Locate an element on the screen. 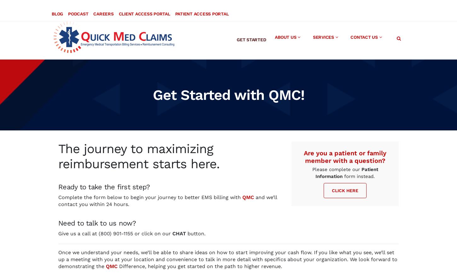 This screenshot has width=457, height=275. 'Ready to take the first step?' is located at coordinates (104, 180).